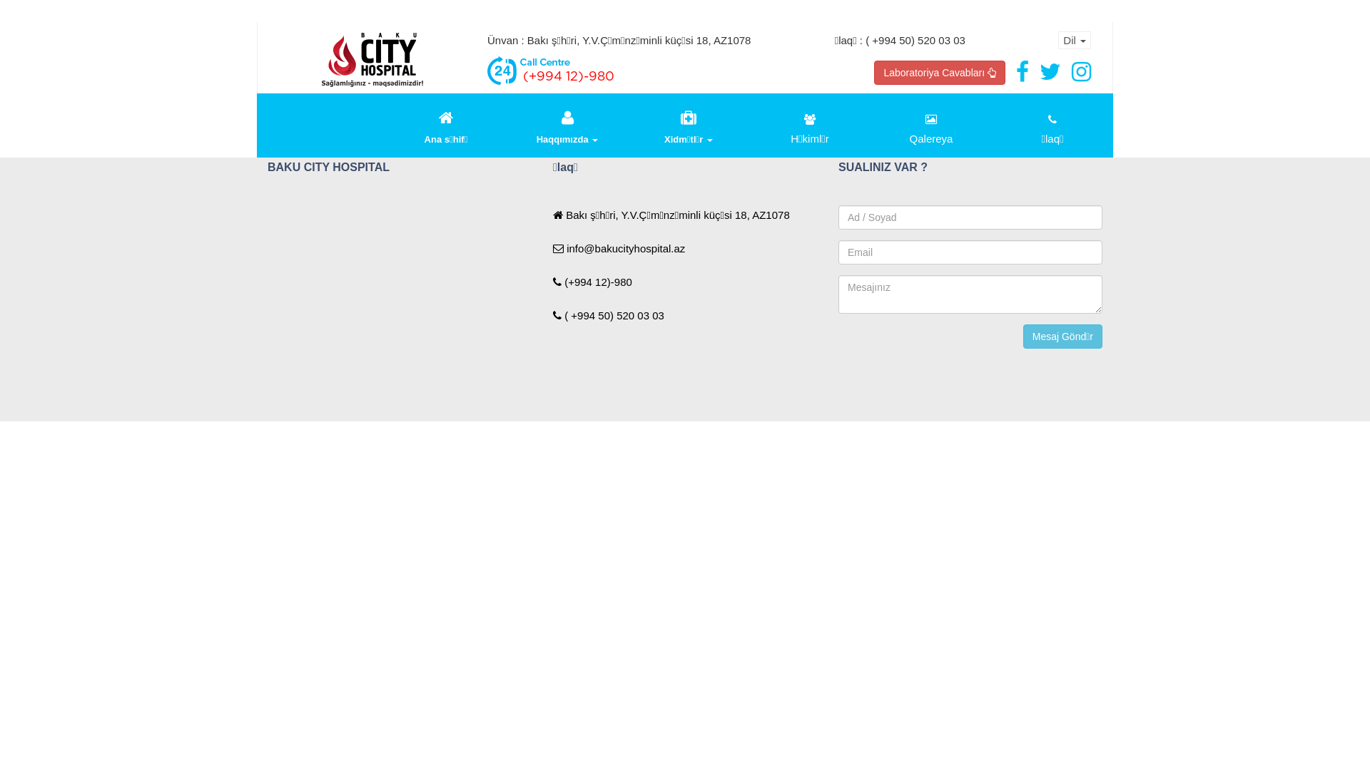 This screenshot has width=1370, height=770. Describe the element at coordinates (619, 247) in the screenshot. I see `'info@bakucityhospital.az'` at that location.